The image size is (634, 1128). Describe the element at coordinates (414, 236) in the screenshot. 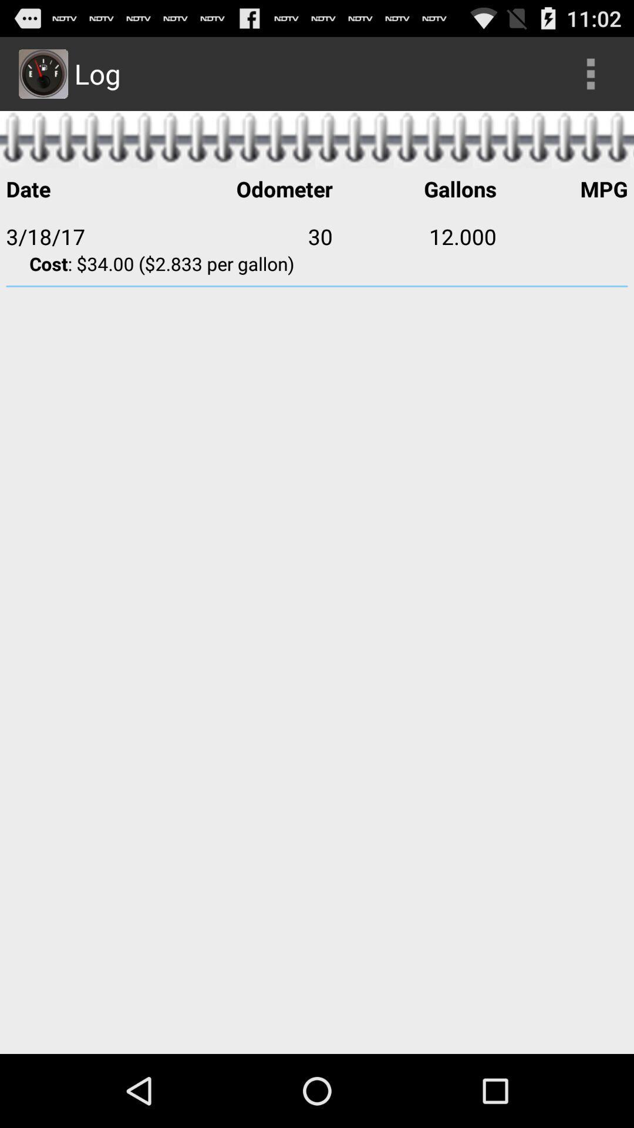

I see `icon above the cost 34 00 item` at that location.